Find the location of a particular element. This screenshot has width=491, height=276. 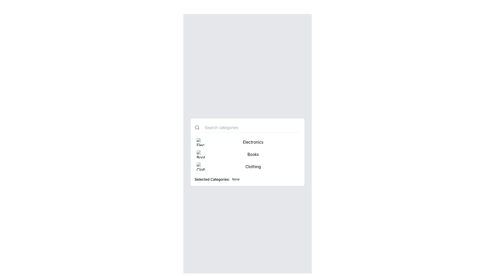

the 'Clothing' category list item in the dropdown menu, which is the third item below 'Books' and above the end of the list is located at coordinates (248, 166).